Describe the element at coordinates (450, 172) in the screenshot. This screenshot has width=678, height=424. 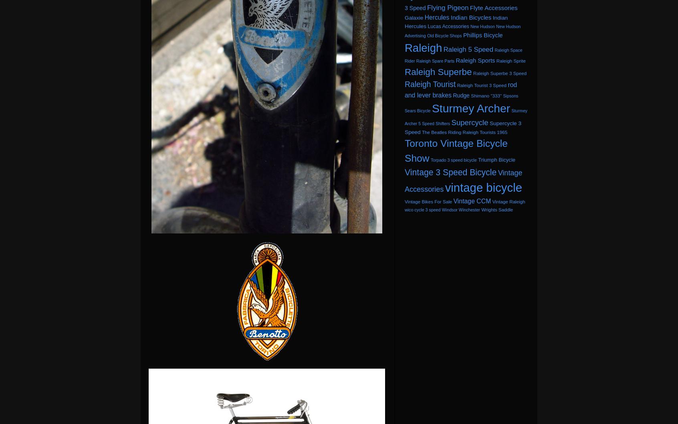
I see `'Vintage 3 Speed Bicycle'` at that location.